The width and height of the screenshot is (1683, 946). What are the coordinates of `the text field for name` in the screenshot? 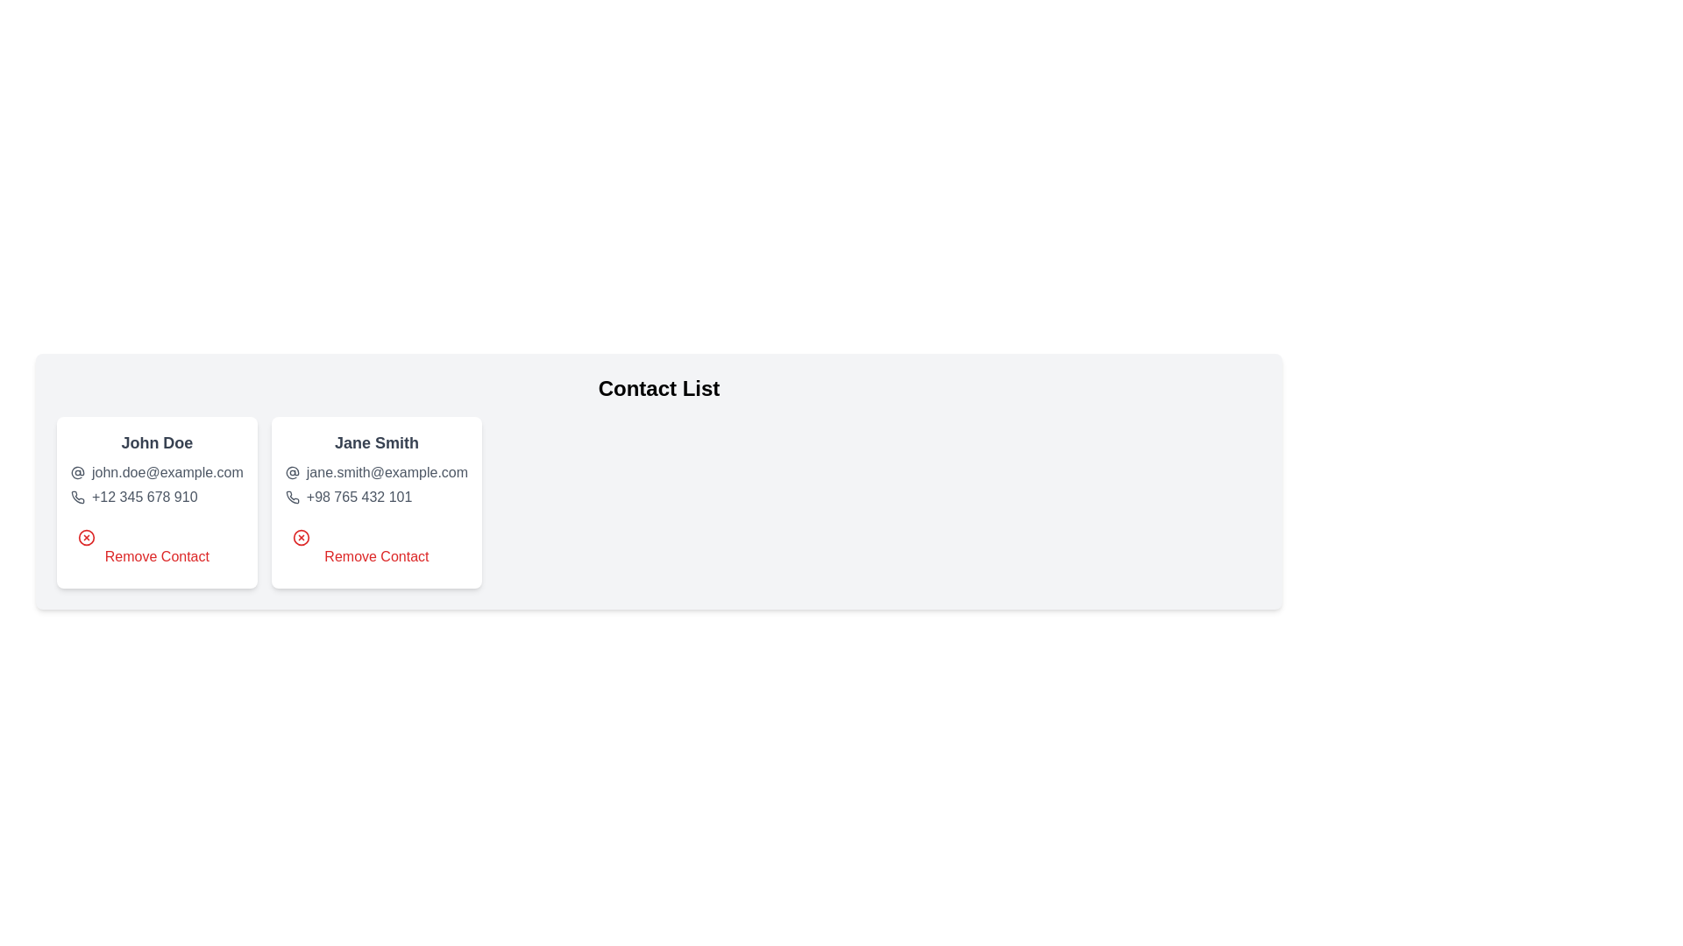 It's located at (156, 441).